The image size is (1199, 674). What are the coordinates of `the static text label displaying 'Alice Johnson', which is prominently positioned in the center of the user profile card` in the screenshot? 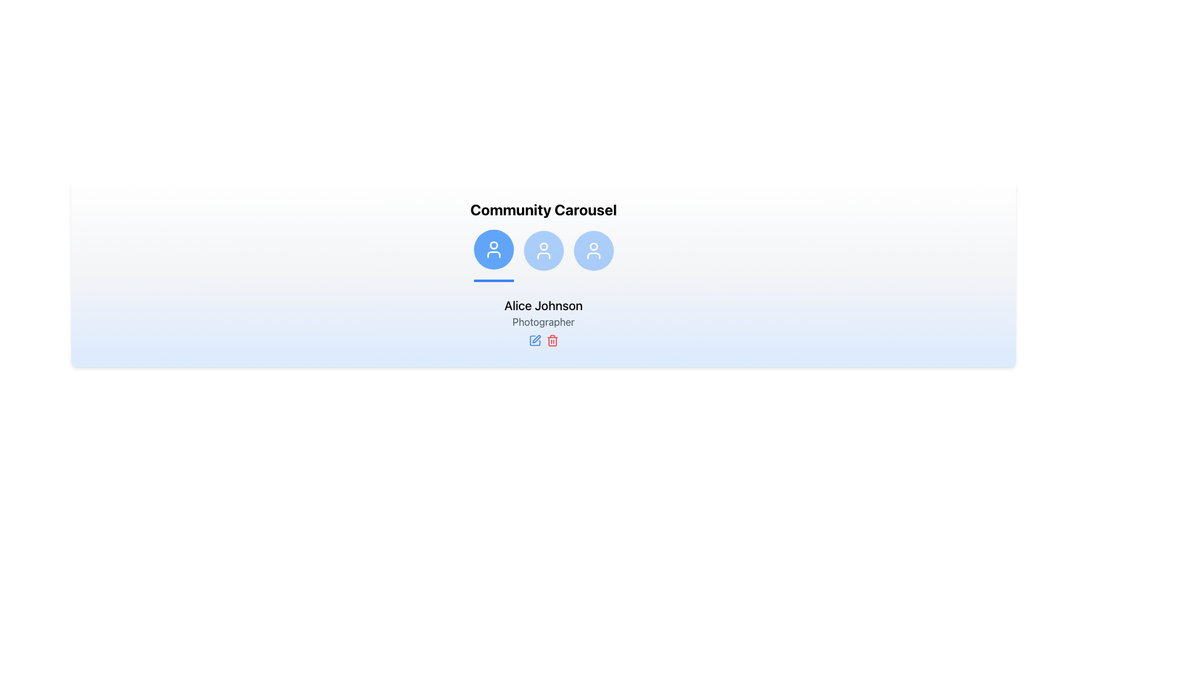 It's located at (543, 305).